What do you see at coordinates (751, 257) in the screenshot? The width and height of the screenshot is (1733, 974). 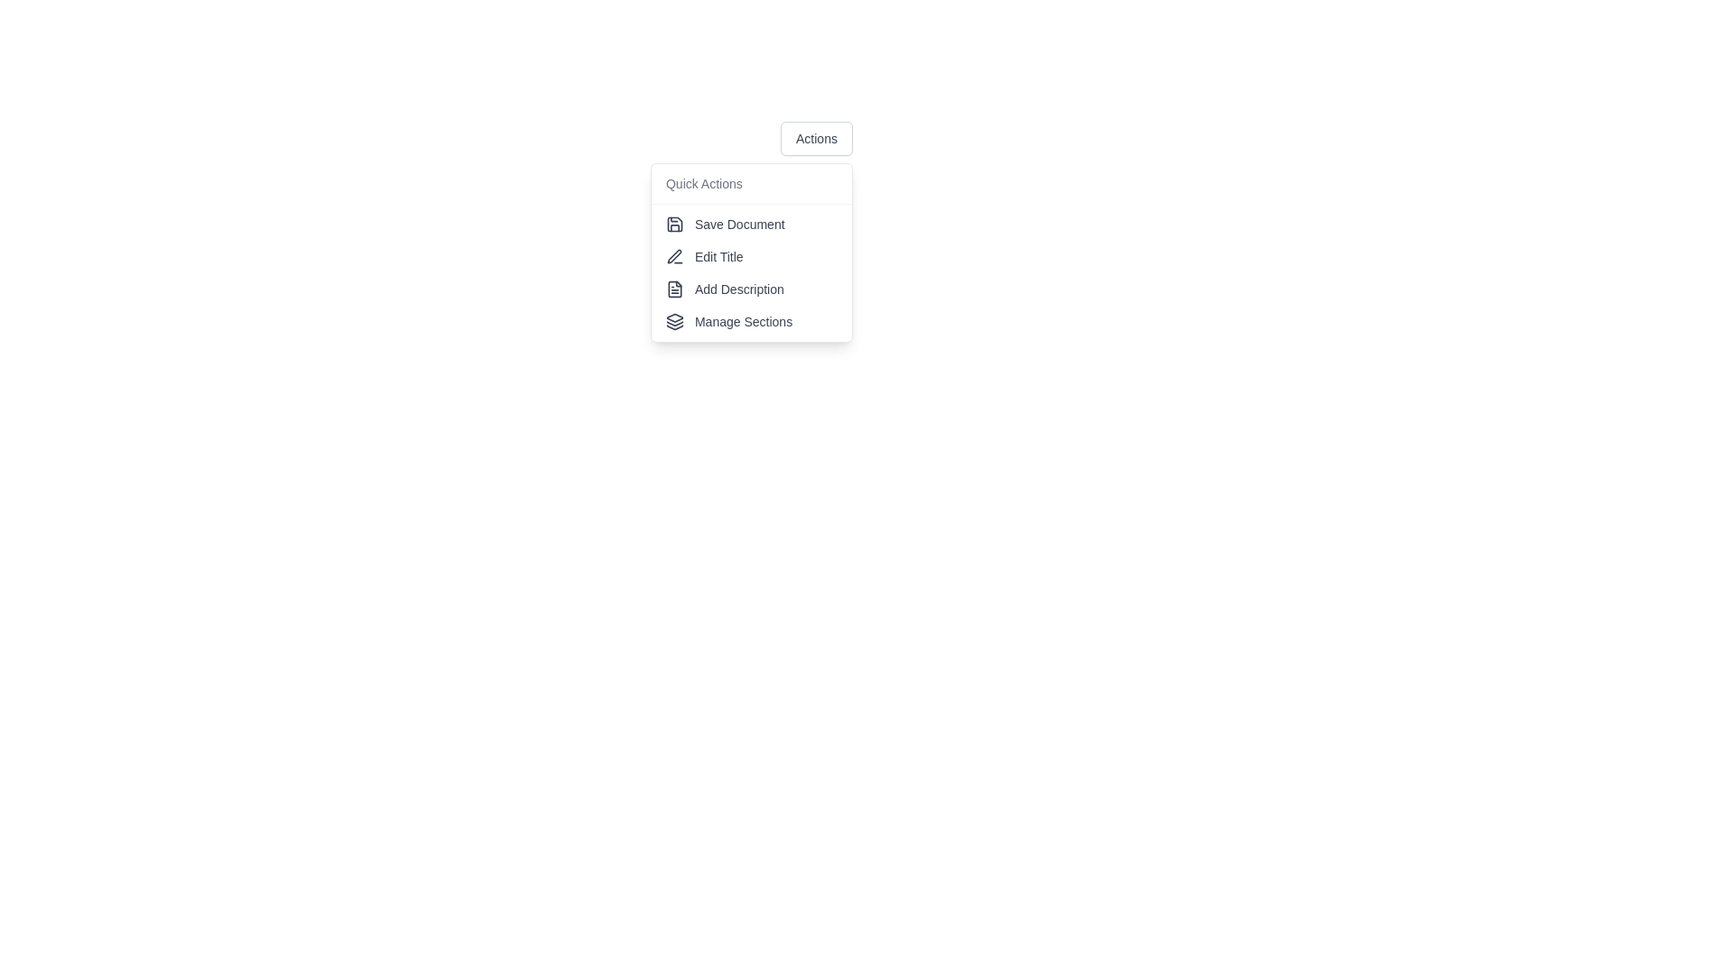 I see `the 'Edit Title' button, which is the second item in the menu list below 'Quick Actions', positioned between 'Save Document' and 'Add Description'` at bounding box center [751, 257].